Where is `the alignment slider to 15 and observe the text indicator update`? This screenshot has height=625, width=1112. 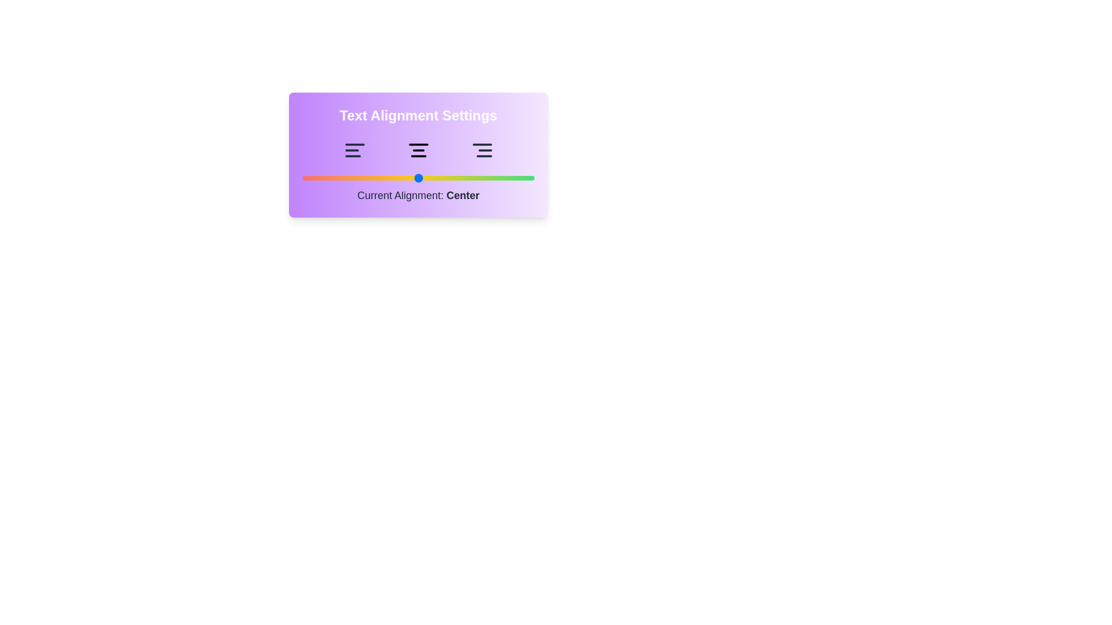 the alignment slider to 15 and observe the text indicator update is located at coordinates (336, 178).